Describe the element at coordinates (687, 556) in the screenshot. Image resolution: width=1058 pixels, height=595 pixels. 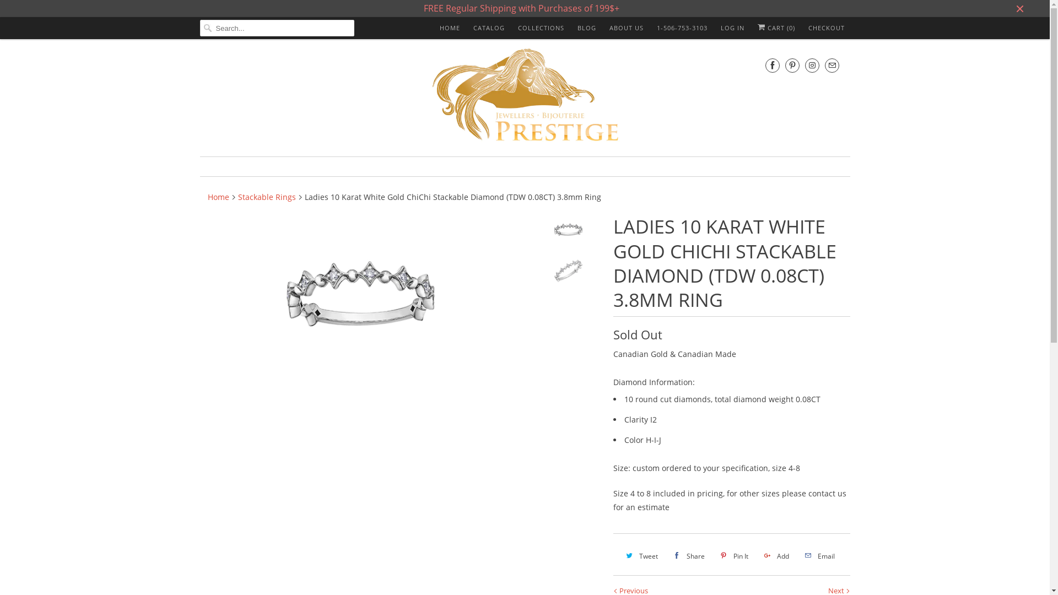
I see `'Share'` at that location.